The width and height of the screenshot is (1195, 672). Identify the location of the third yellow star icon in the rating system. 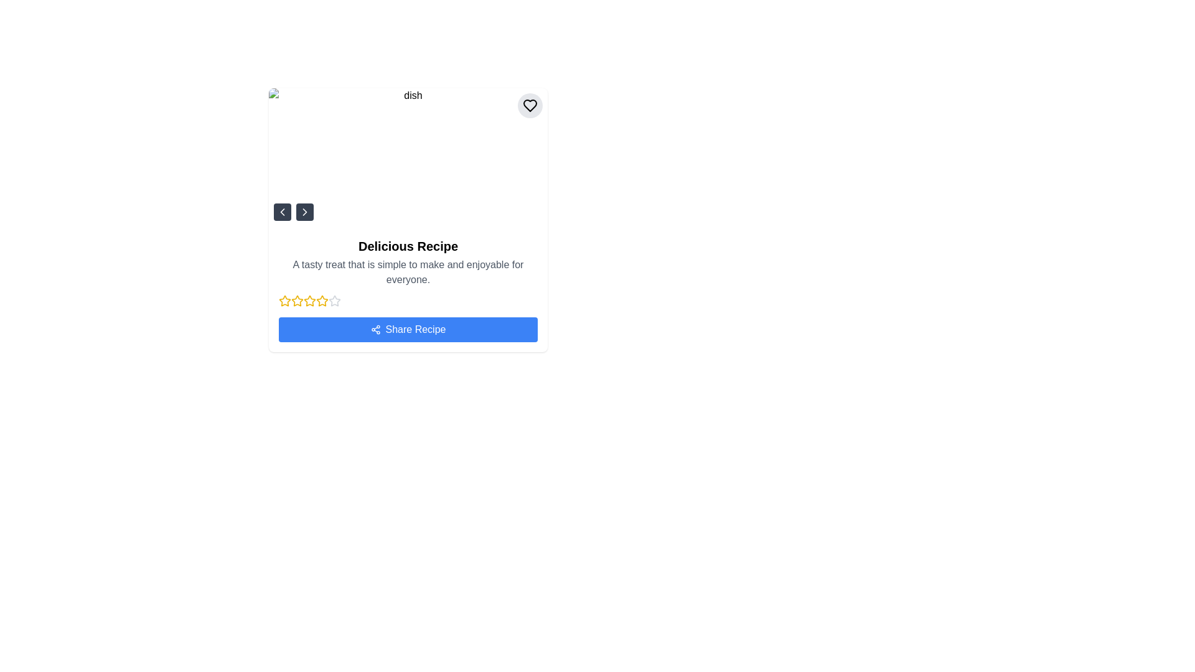
(322, 301).